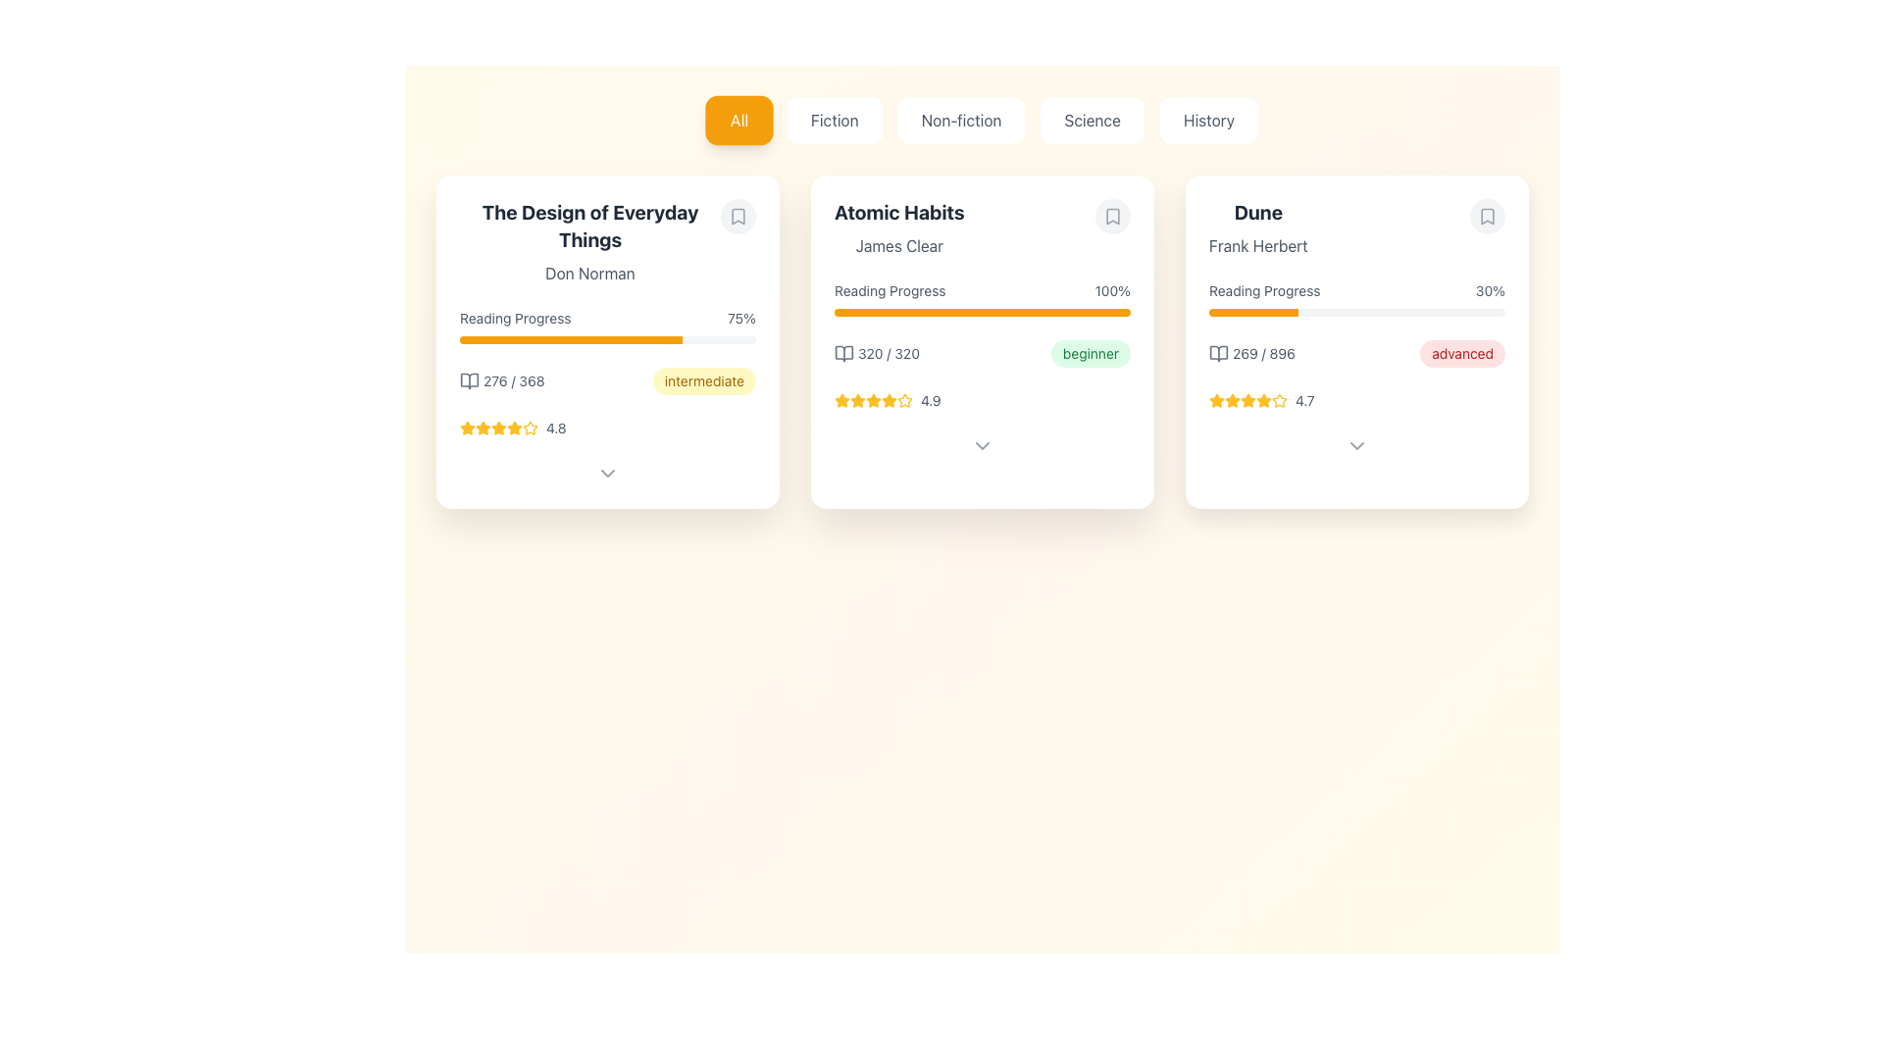  I want to click on the rating value by interacting with the fourth star icon in the rating section of the book card for 'Dune', so click(1247, 399).